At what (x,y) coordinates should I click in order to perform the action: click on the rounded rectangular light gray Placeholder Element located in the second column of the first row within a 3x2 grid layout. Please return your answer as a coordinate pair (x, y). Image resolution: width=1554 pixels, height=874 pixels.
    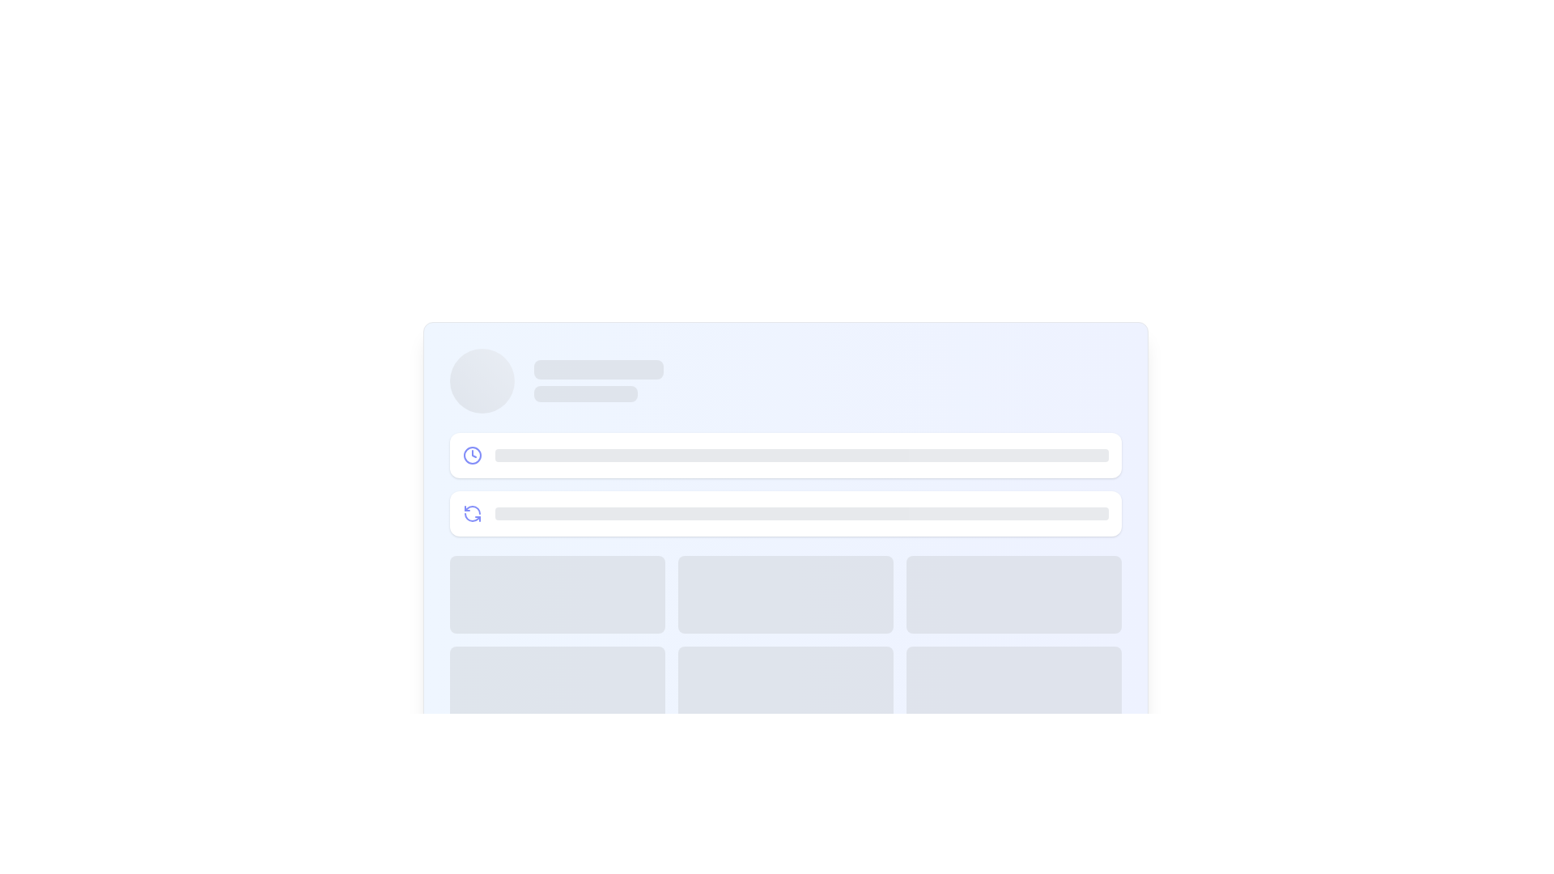
    Looking at the image, I should click on (785, 595).